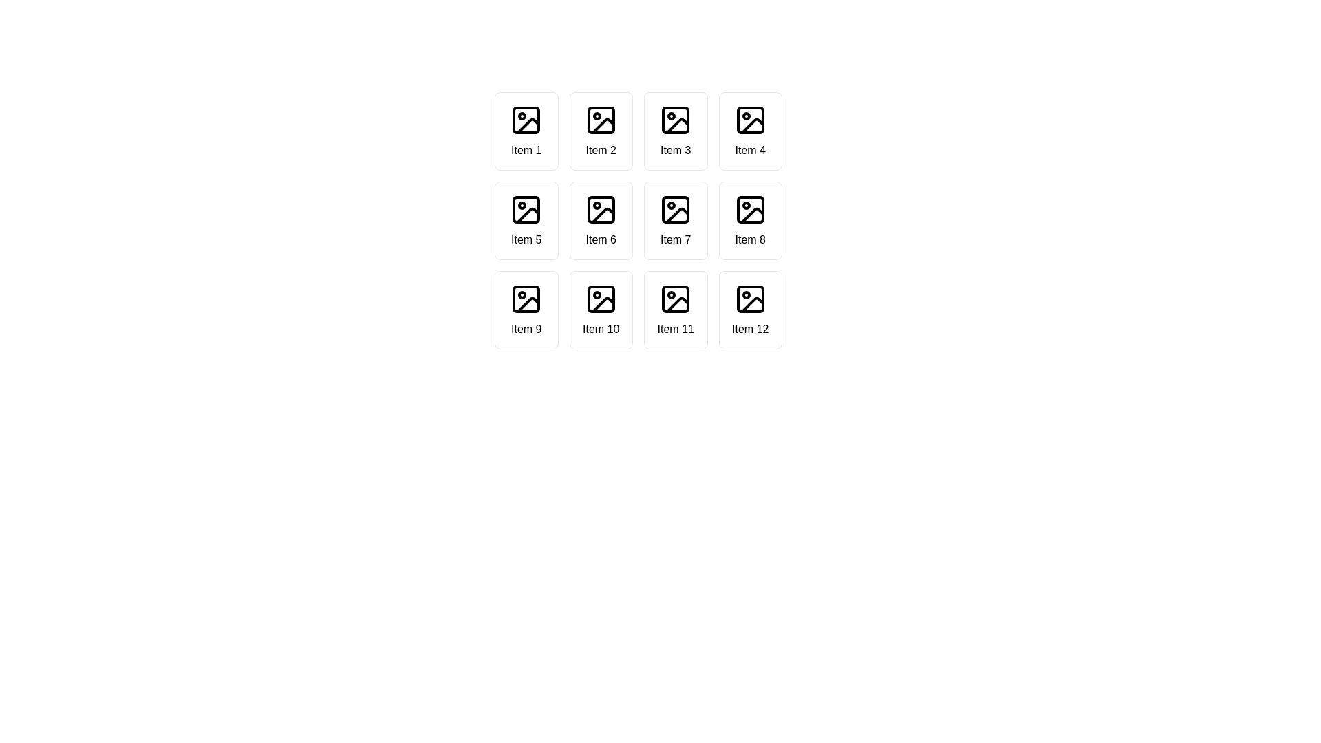 The height and width of the screenshot is (743, 1321). I want to click on the diagonal line segment in the sixth icon of a 4x3 grid, located in the third row and second column, so click(603, 215).